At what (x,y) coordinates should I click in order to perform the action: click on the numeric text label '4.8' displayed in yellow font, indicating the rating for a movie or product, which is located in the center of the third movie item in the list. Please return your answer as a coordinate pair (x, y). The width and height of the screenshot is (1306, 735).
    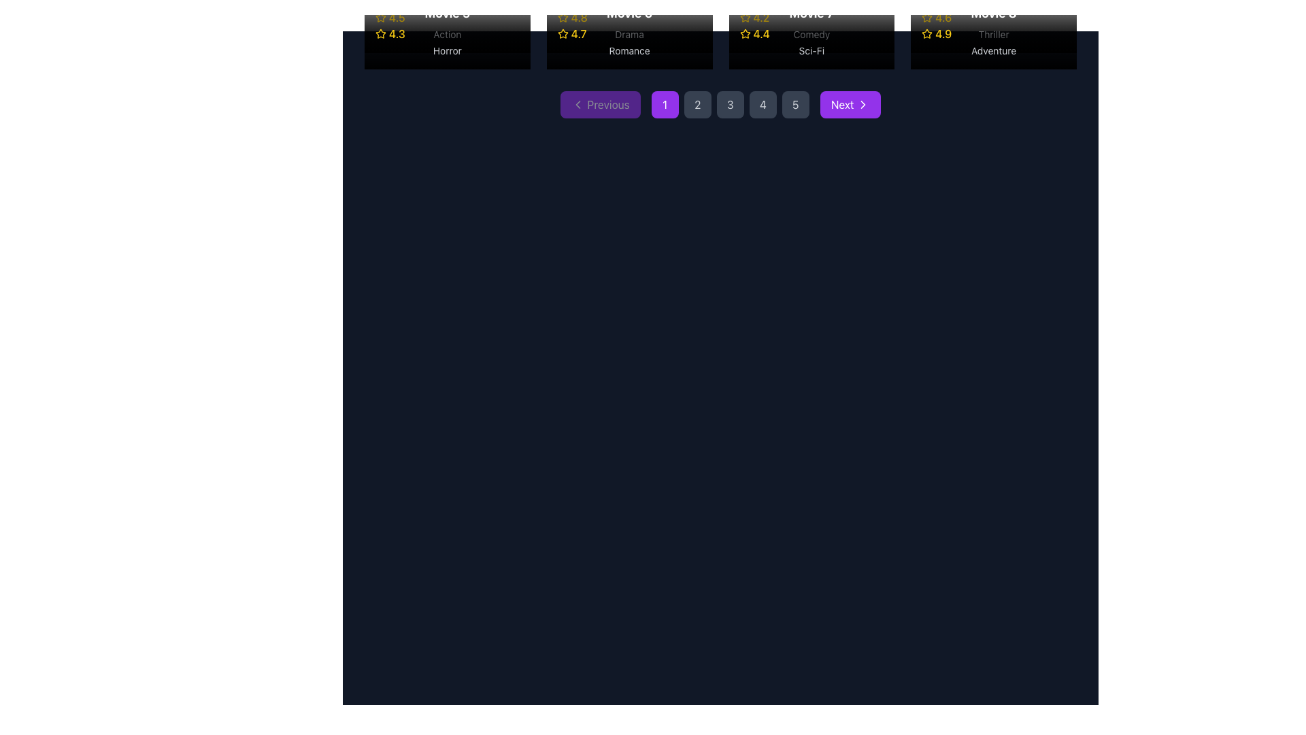
    Looking at the image, I should click on (579, 18).